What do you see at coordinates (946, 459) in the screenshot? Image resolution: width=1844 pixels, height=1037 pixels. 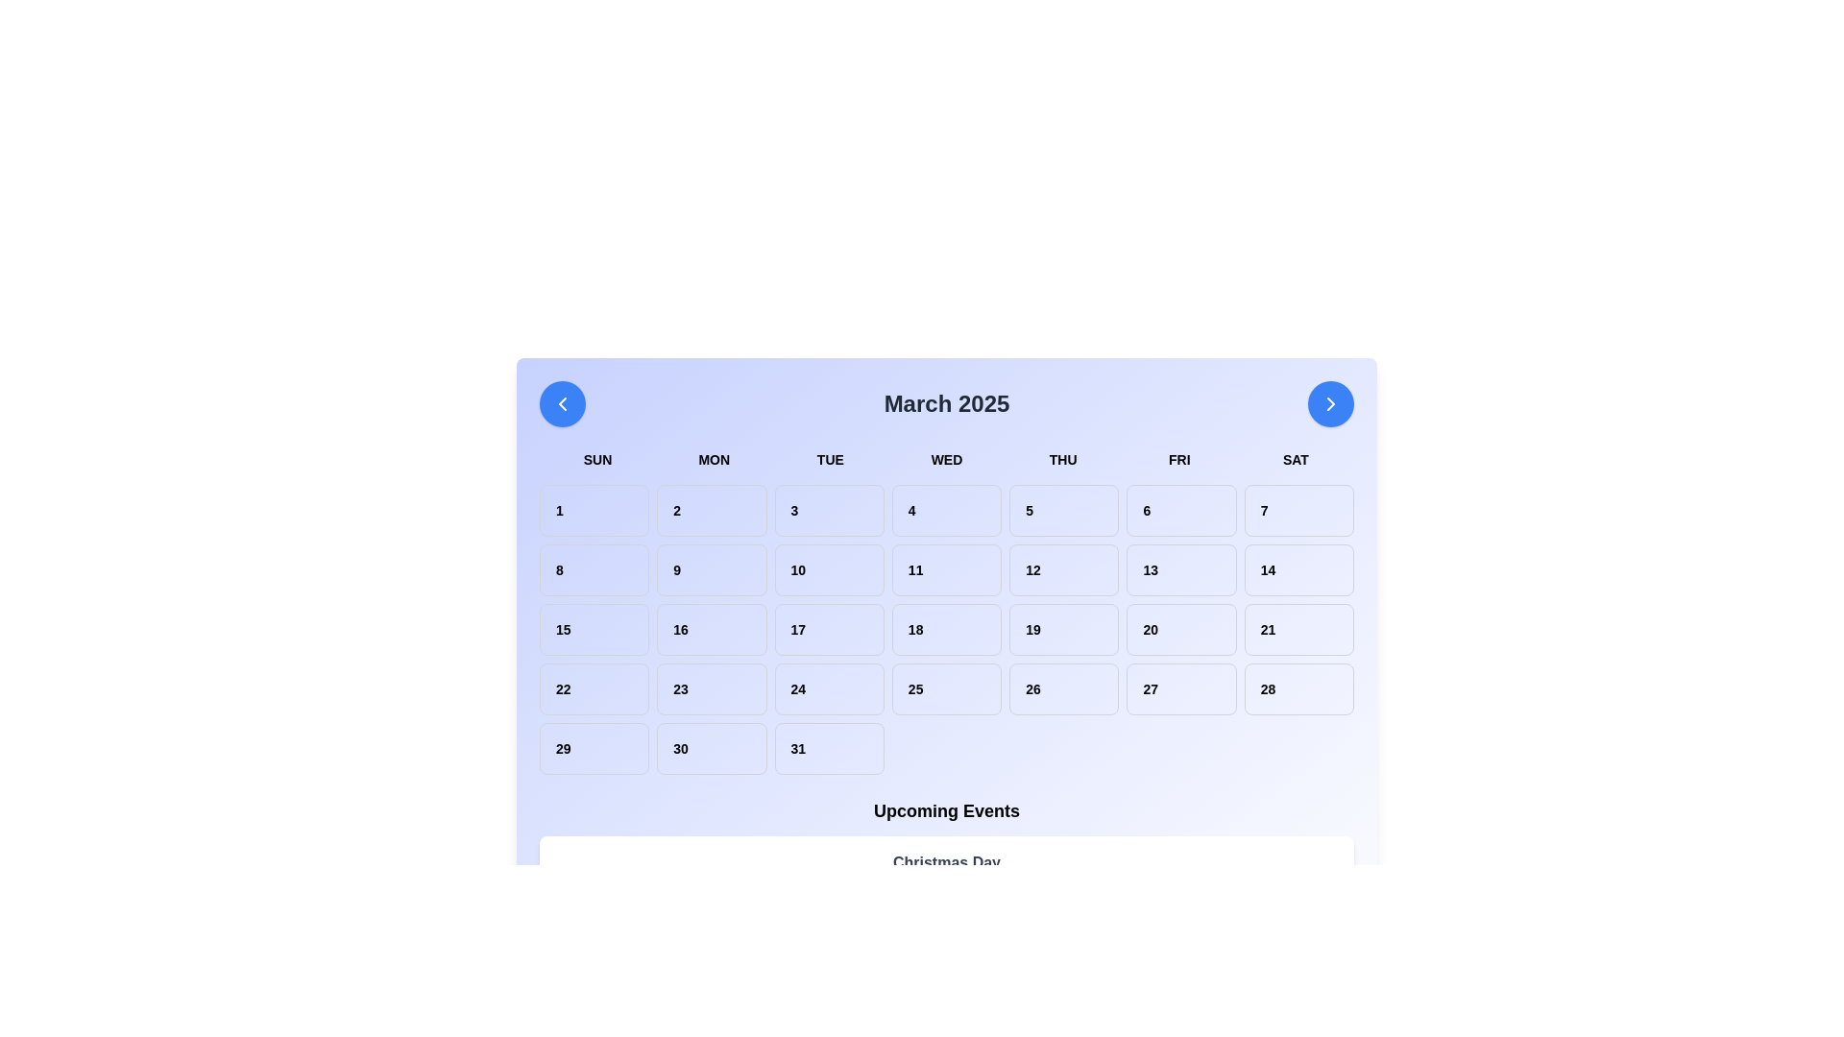 I see `the text label displaying 'Wed', which is styled in bold uppercase letters and centered in the weekday header row of the grid layout` at bounding box center [946, 459].